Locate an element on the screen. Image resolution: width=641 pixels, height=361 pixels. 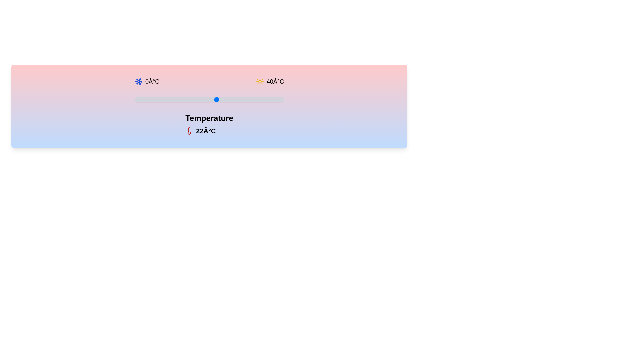
the slider to set the temperature to 3°C is located at coordinates (145, 99).